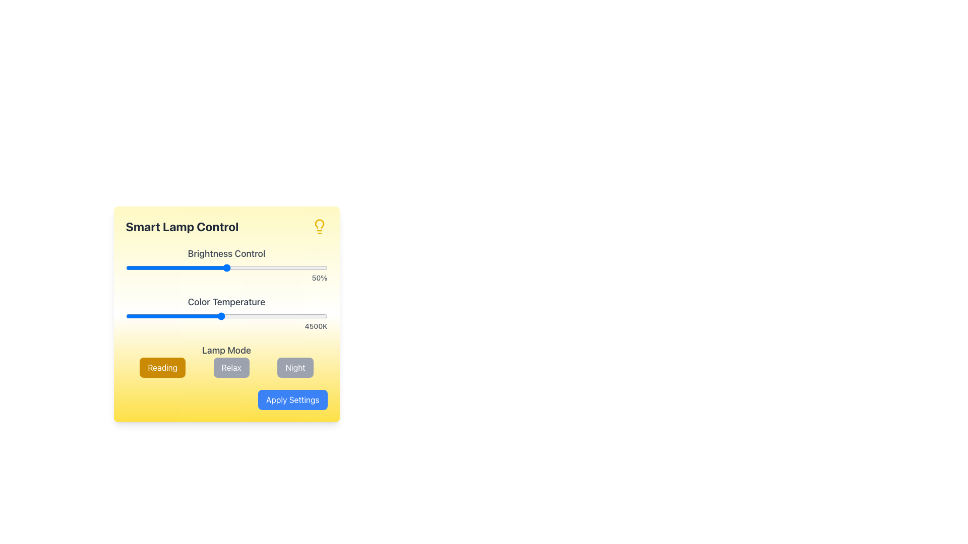 The image size is (968, 544). I want to click on the 'Apply Settings' button located at the bottom-right corner of the 'Smart Lamp Control' card to confirm the configuration settings for the smart lamp, so click(292, 399).